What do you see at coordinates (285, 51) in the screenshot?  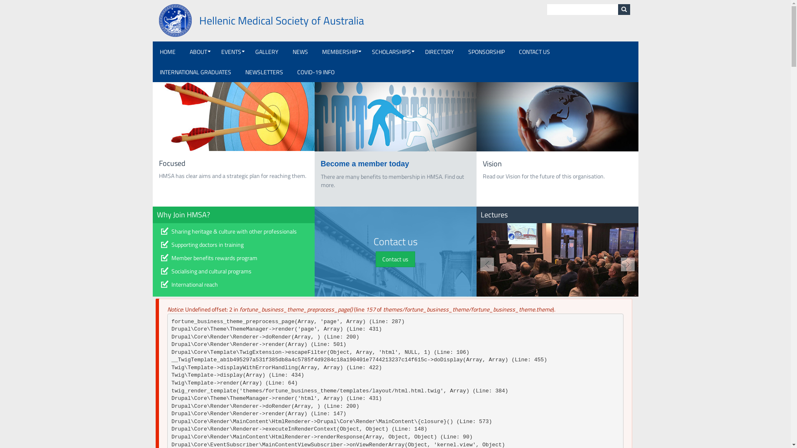 I see `'NEWS'` at bounding box center [285, 51].